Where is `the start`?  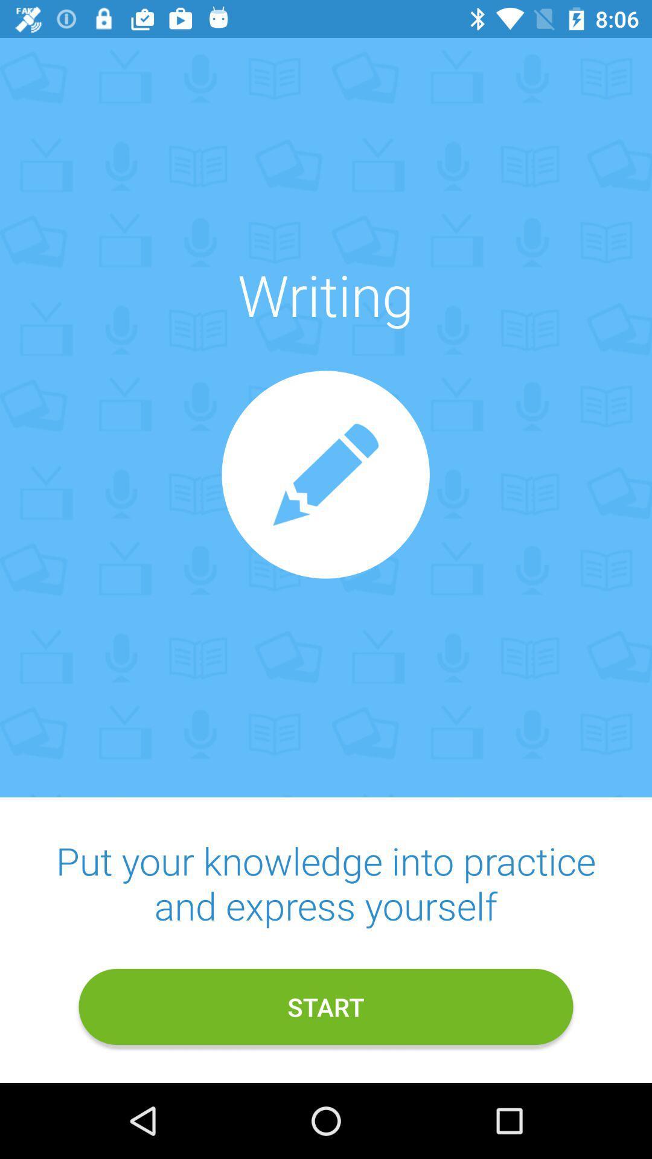
the start is located at coordinates (326, 1007).